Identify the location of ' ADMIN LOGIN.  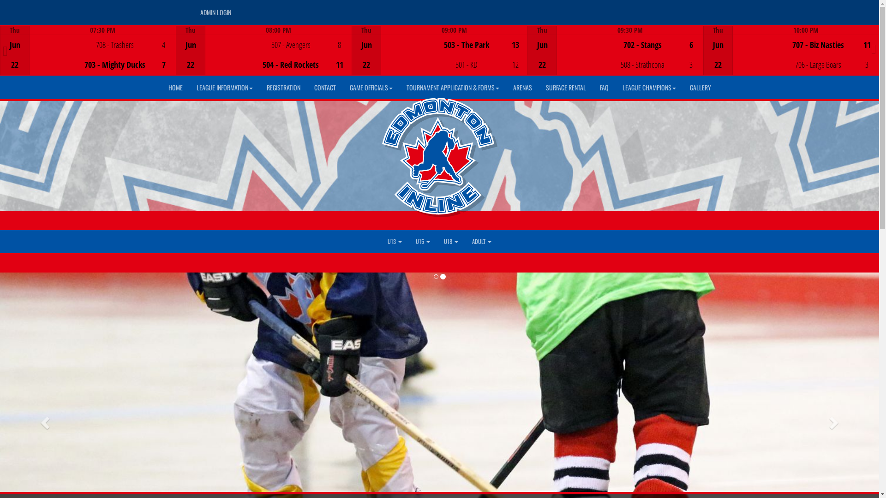
(214, 12).